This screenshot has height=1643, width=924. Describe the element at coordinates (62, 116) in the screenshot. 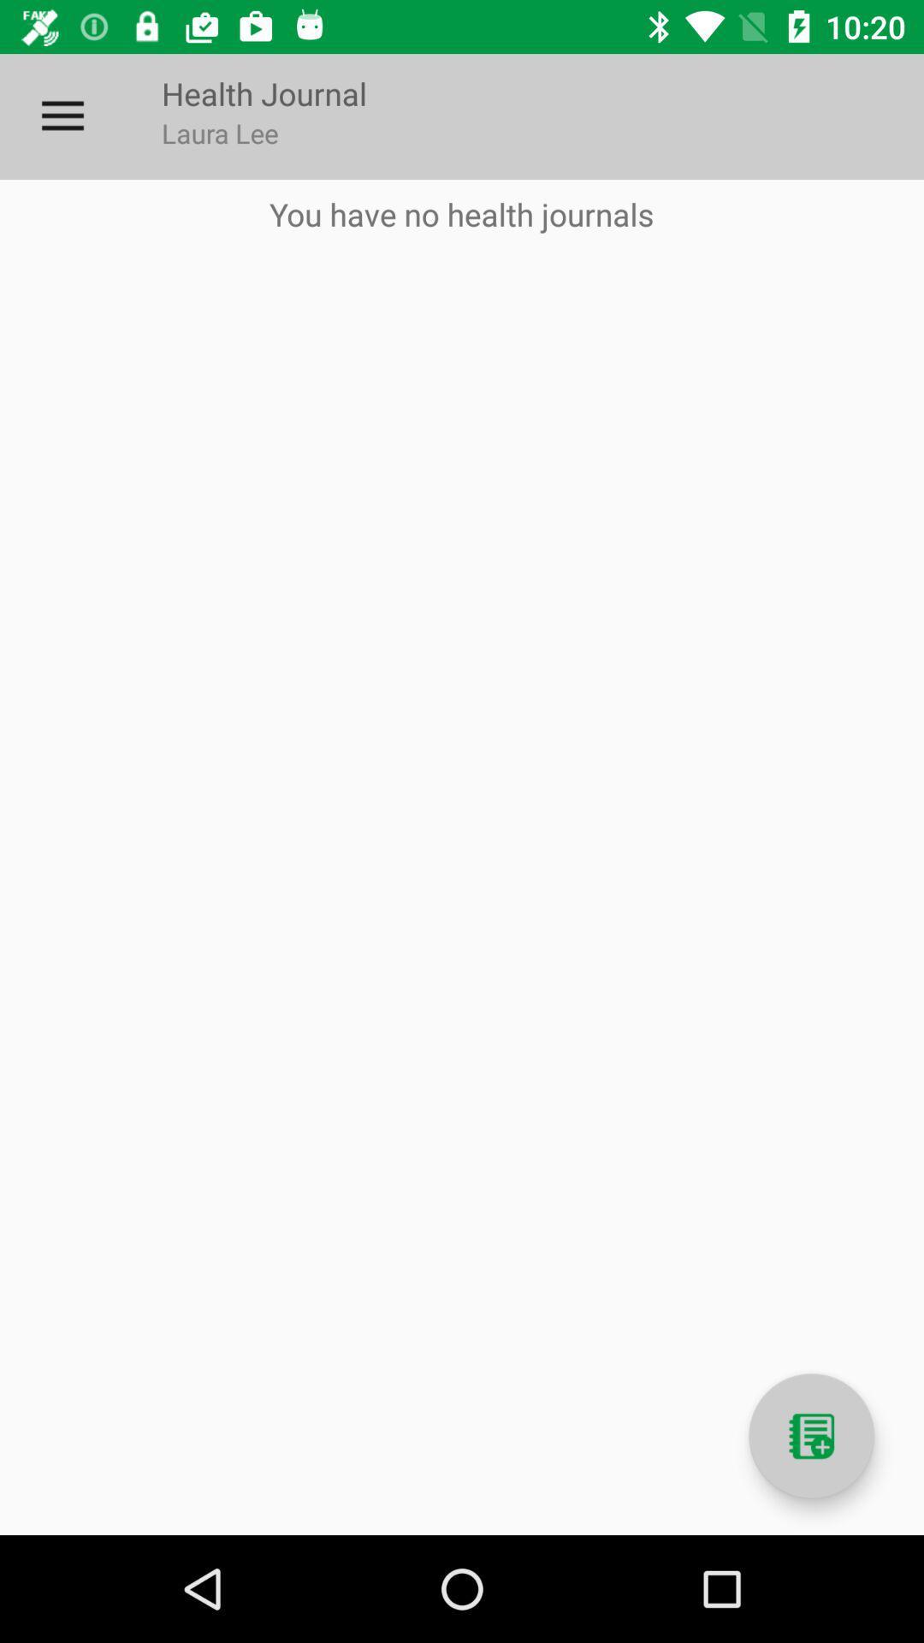

I see `the icon next to health journal item` at that location.